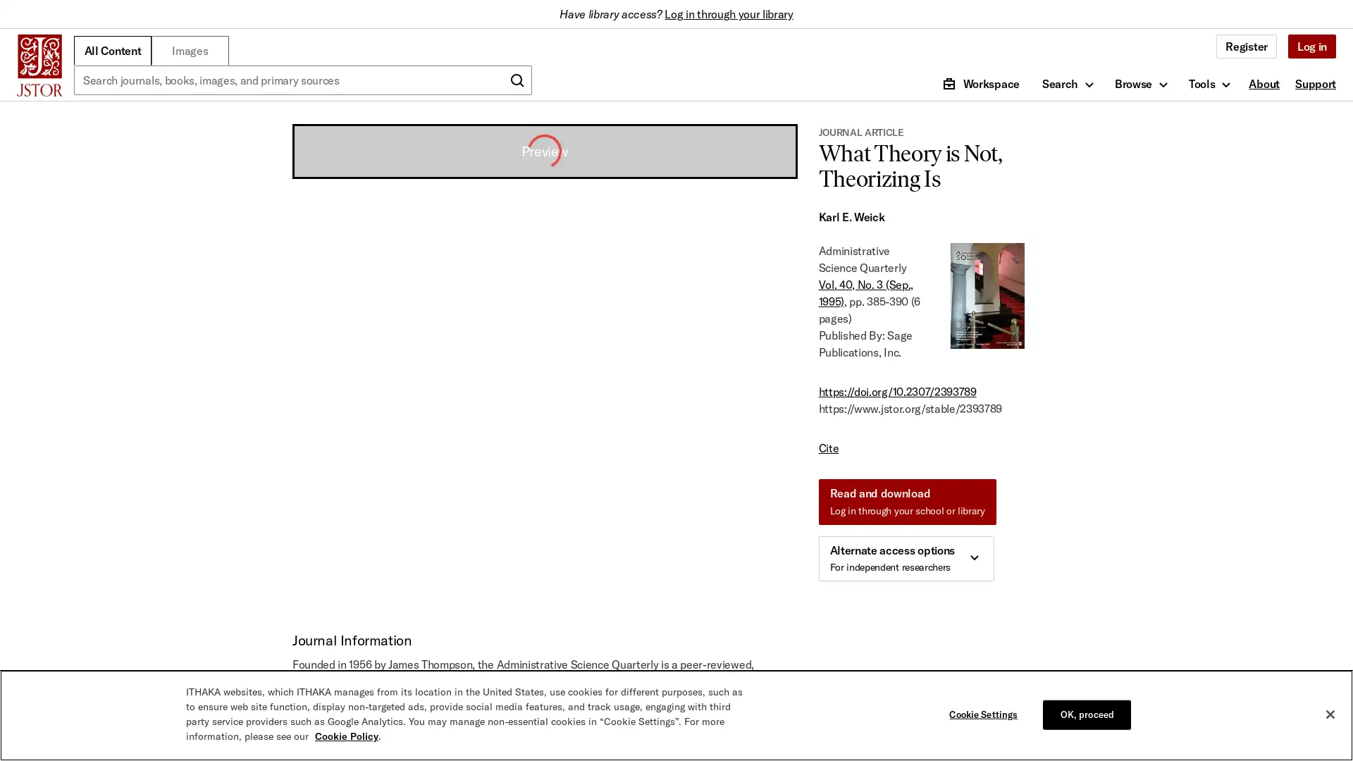  What do you see at coordinates (1329, 714) in the screenshot?
I see `Close` at bounding box center [1329, 714].